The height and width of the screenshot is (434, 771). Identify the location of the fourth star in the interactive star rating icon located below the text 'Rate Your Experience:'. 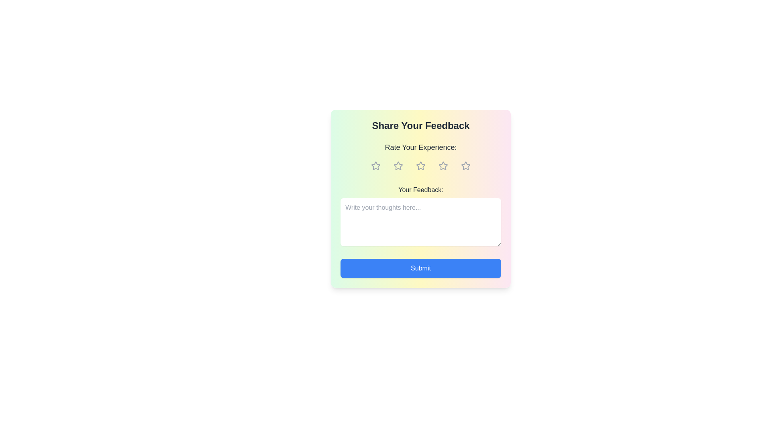
(443, 165).